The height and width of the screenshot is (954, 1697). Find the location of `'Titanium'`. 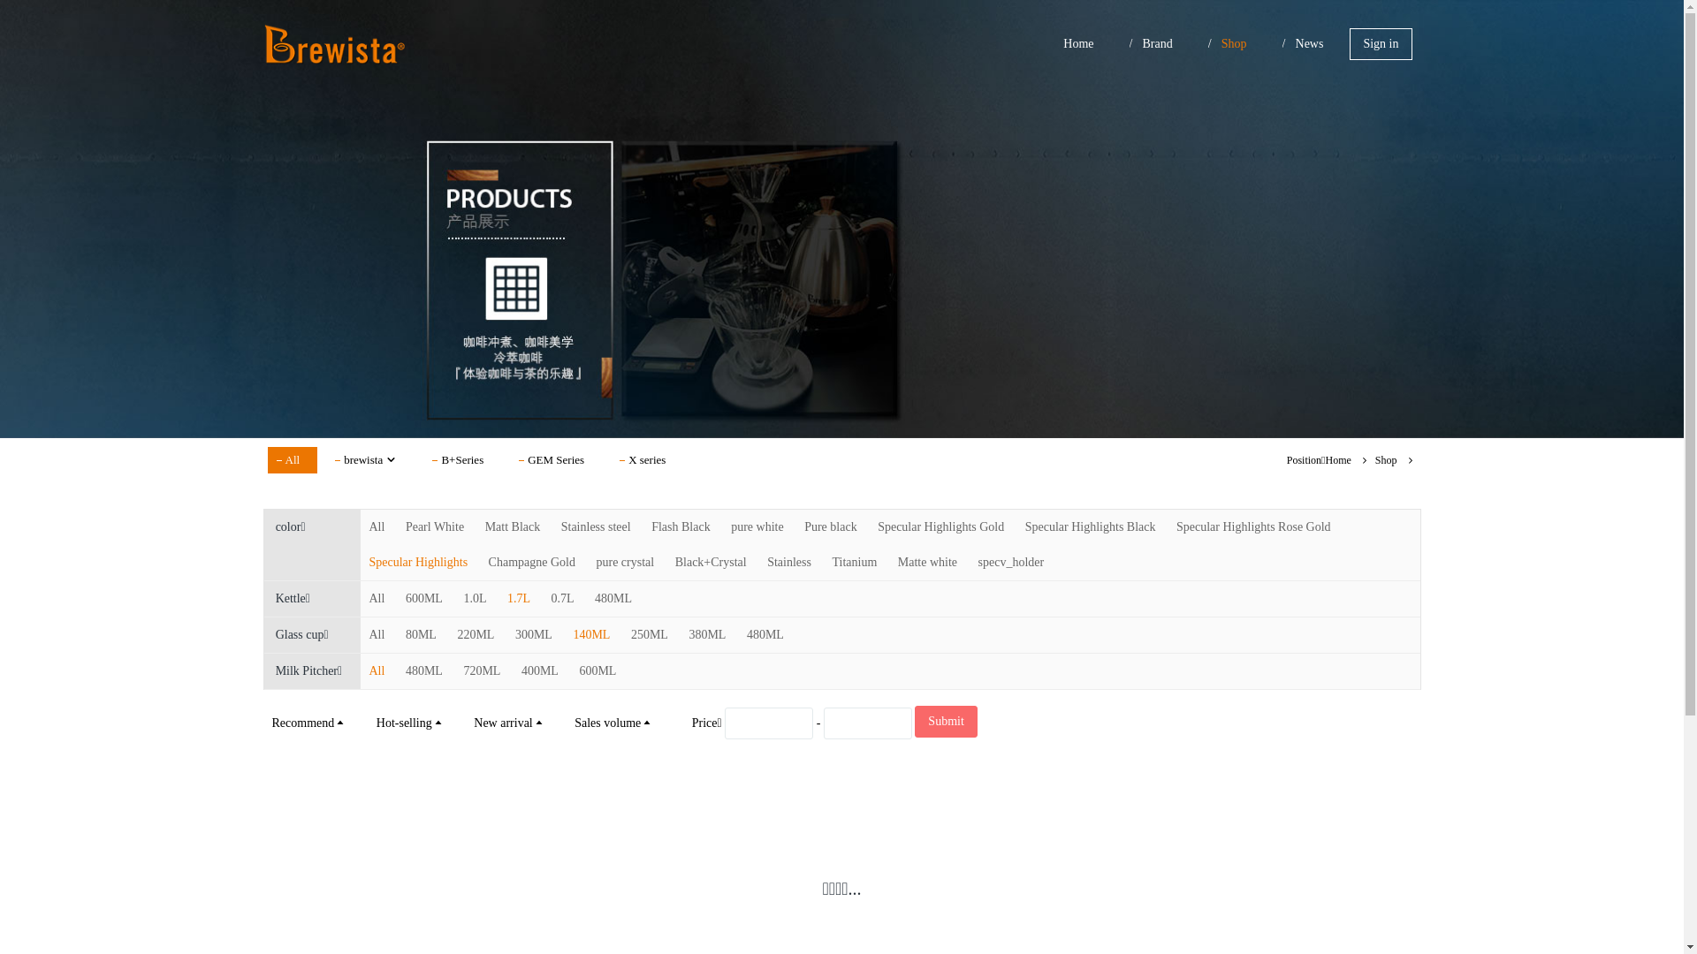

'Titanium' is located at coordinates (854, 562).